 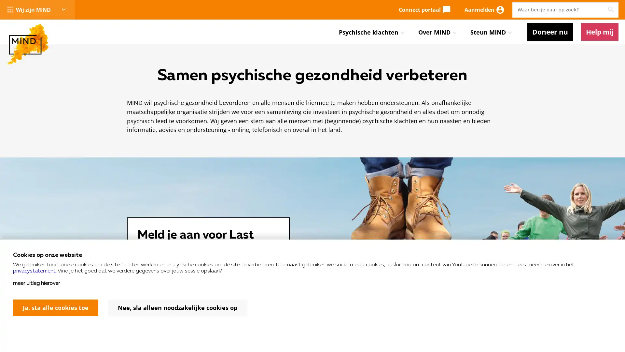 I want to click on Nee, sla alleen noodzakelijke cookies op, so click(x=177, y=308).